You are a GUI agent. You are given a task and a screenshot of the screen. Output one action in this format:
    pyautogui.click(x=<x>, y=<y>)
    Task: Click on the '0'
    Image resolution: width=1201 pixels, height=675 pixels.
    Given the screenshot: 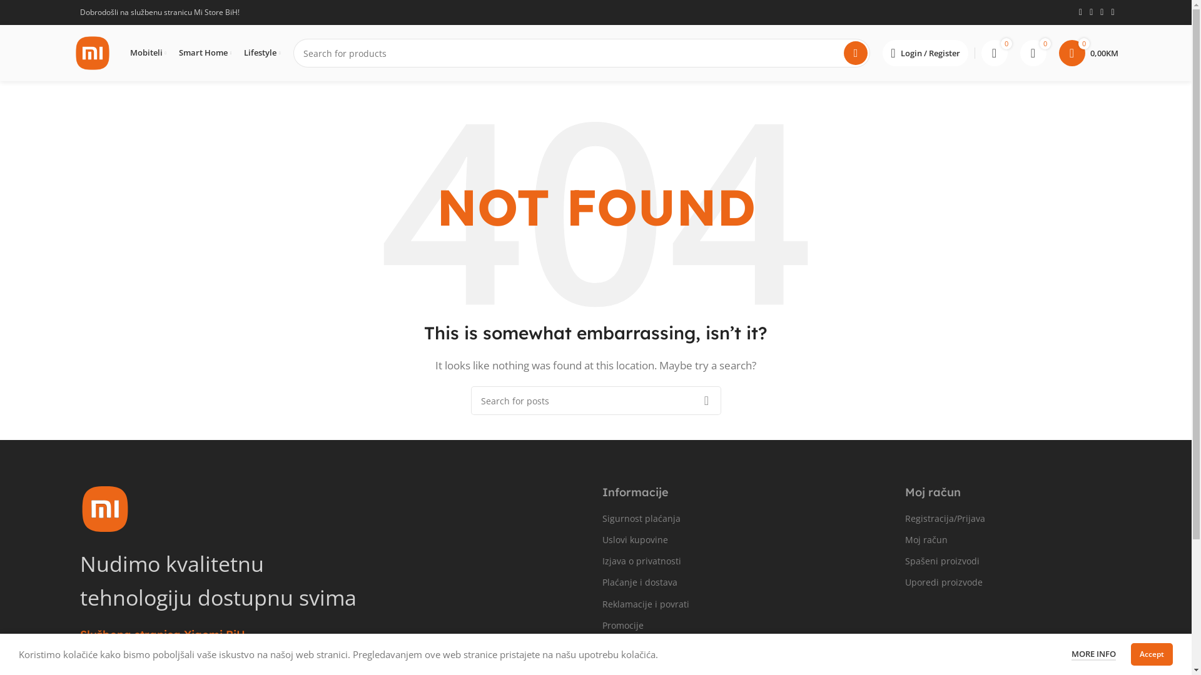 What is the action you would take?
    pyautogui.click(x=1033, y=52)
    